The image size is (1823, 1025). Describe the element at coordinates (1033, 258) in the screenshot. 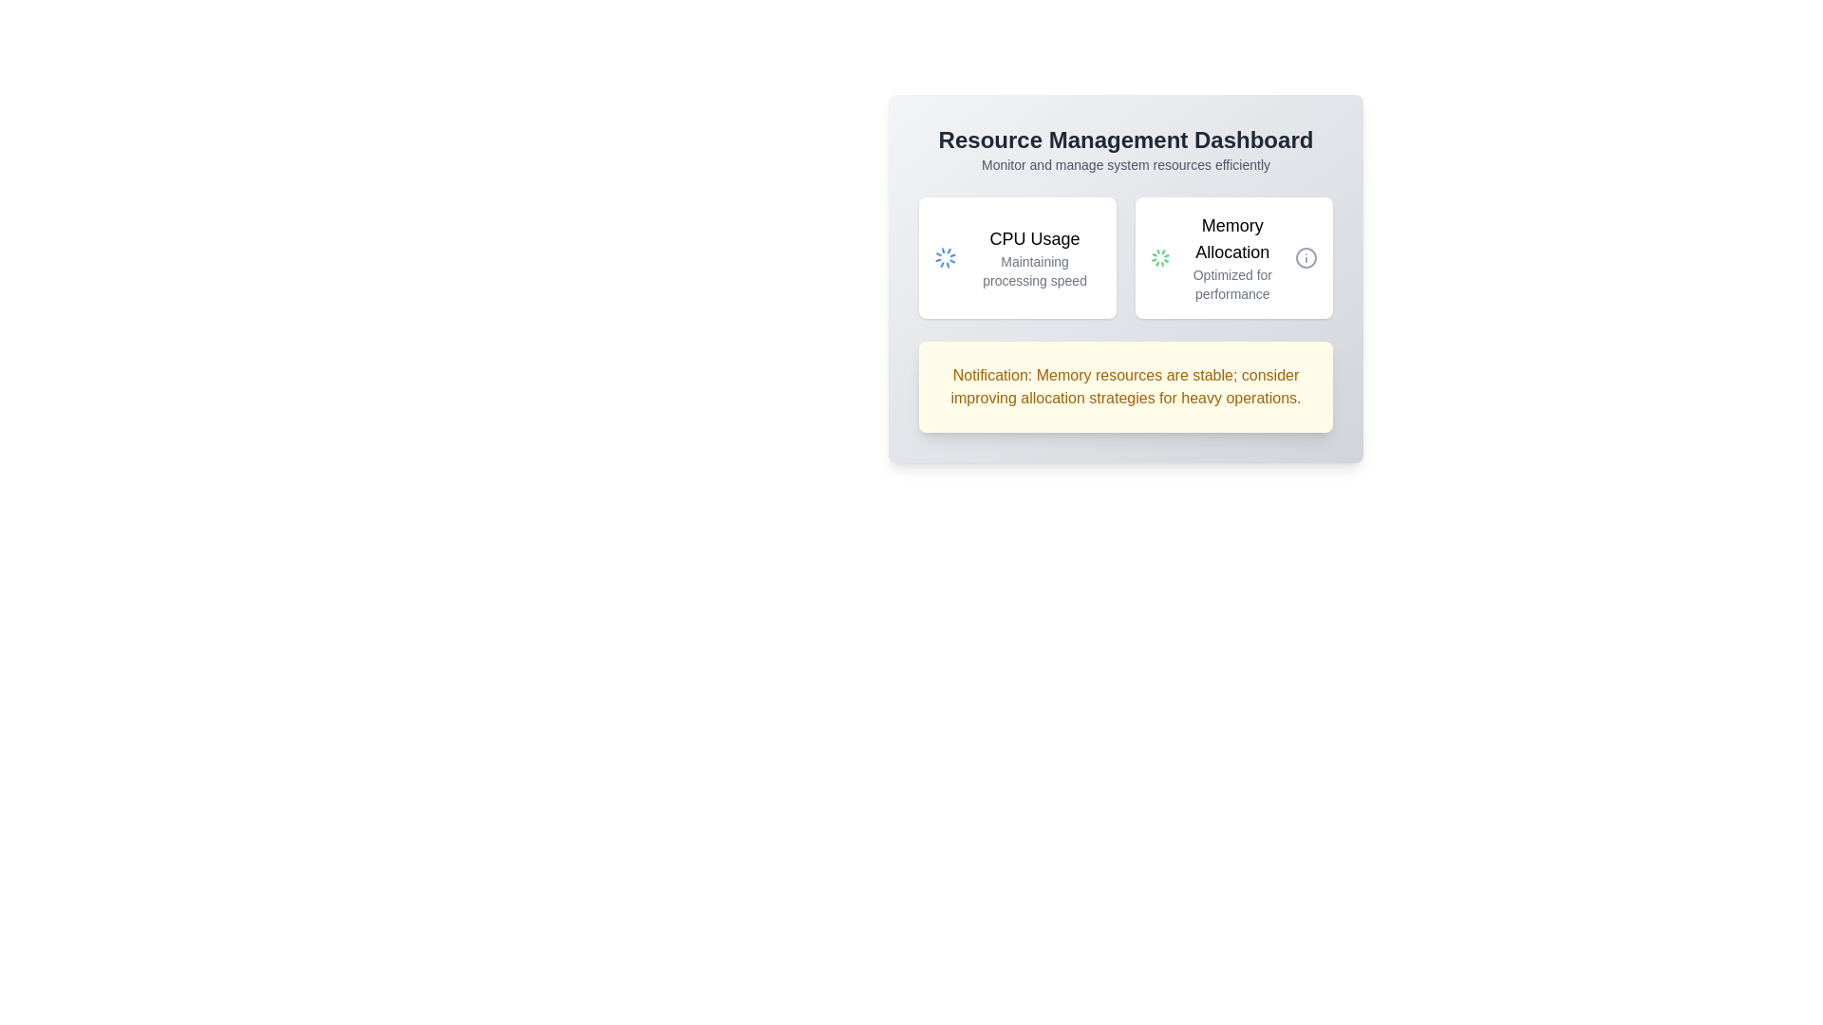

I see `the textual display element that shows CPU usage information, located beneath the spinning loader icon in the left section of the two-column layout` at that location.